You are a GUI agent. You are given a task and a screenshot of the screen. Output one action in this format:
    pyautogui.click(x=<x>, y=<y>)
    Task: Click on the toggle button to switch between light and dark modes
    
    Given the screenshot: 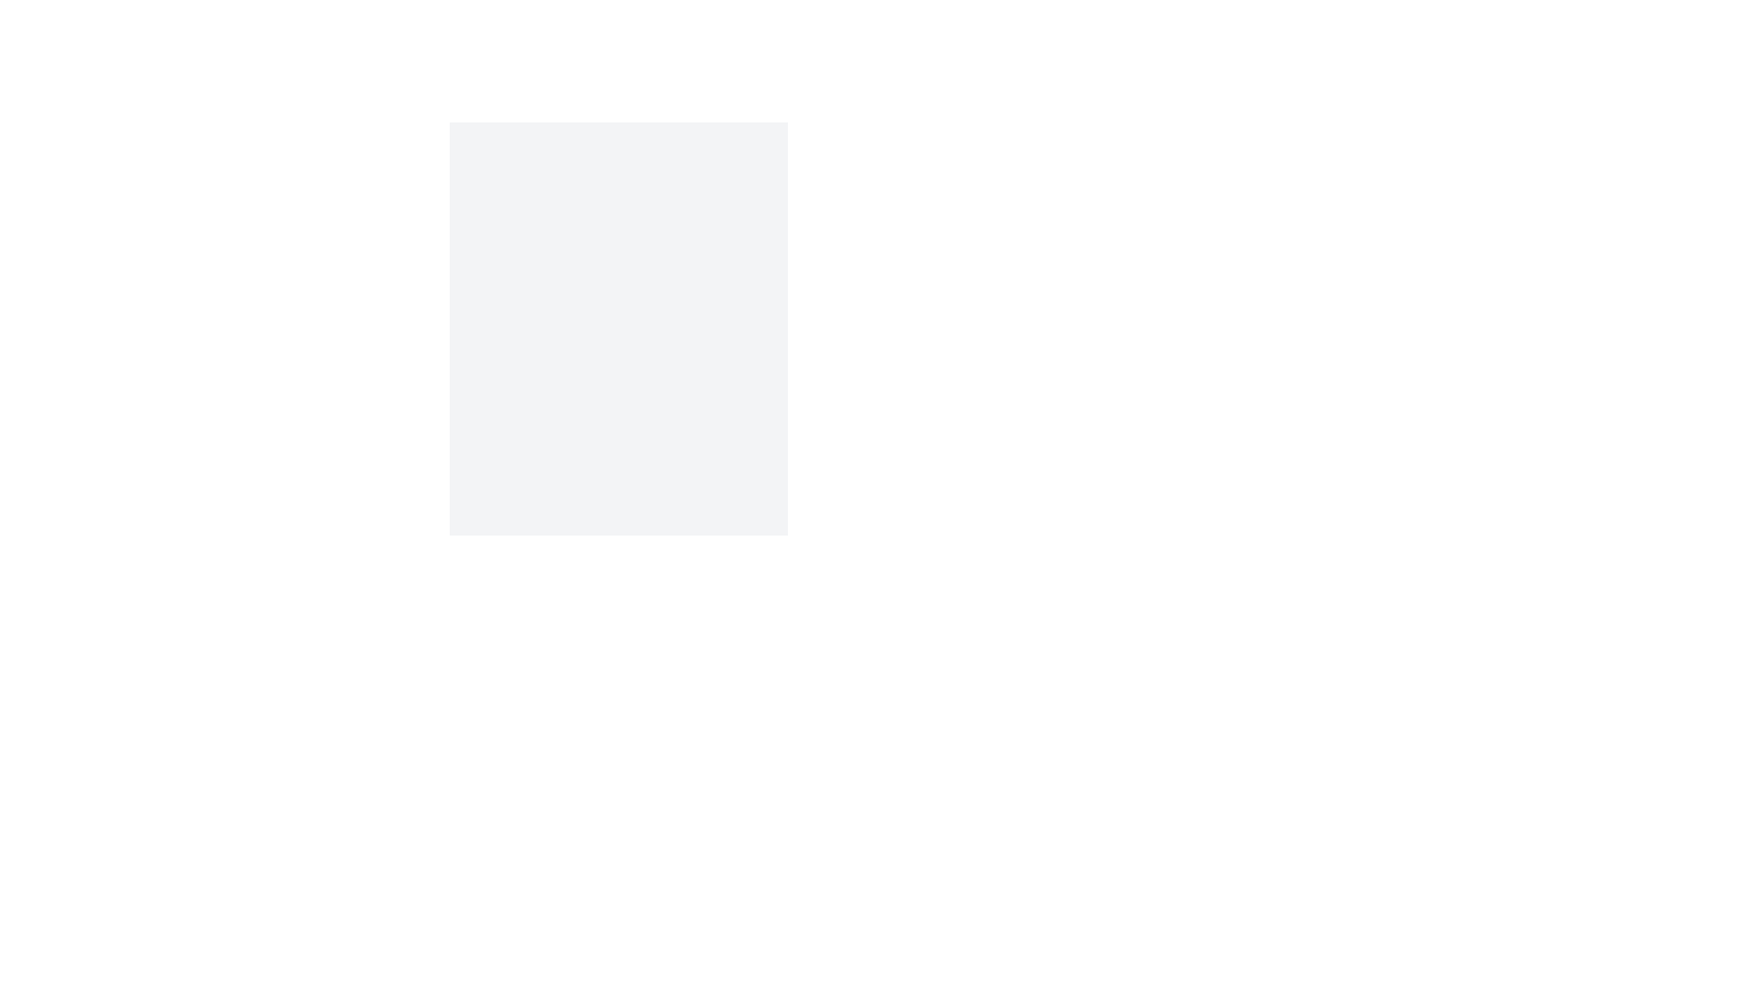 What is the action you would take?
    pyautogui.click(x=618, y=616)
    